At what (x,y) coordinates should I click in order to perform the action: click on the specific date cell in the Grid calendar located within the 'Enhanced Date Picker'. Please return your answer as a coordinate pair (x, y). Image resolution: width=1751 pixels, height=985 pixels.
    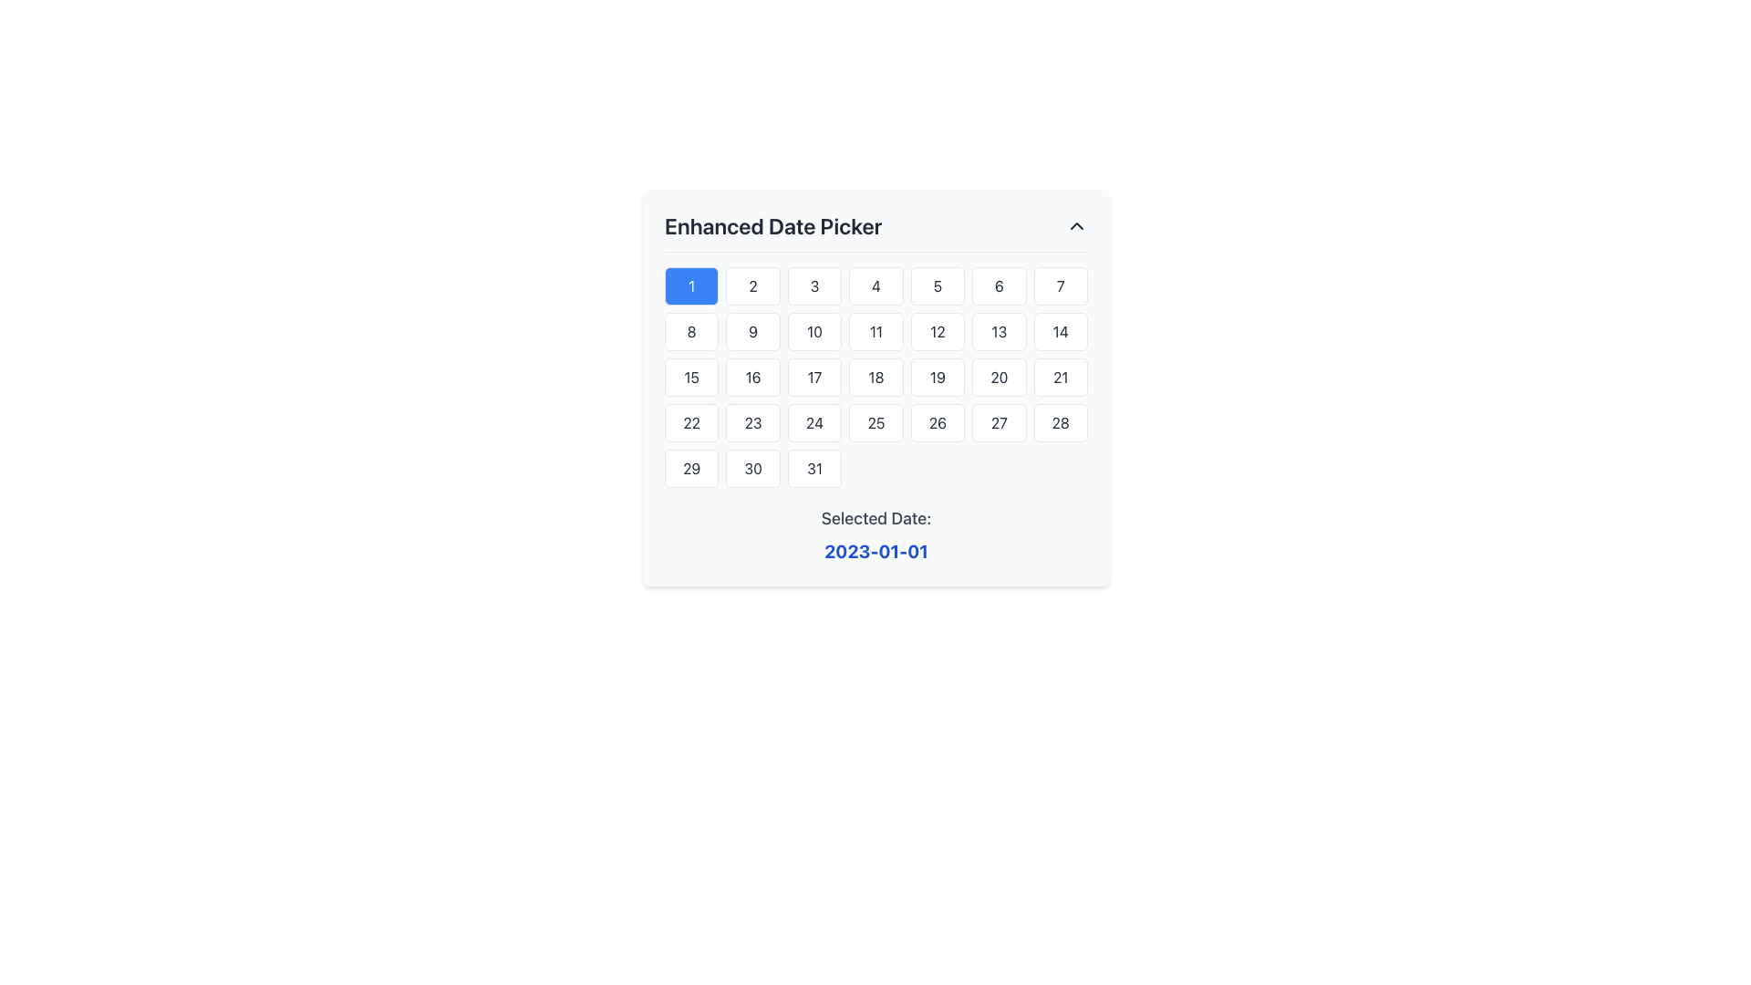
    Looking at the image, I should click on (875, 376).